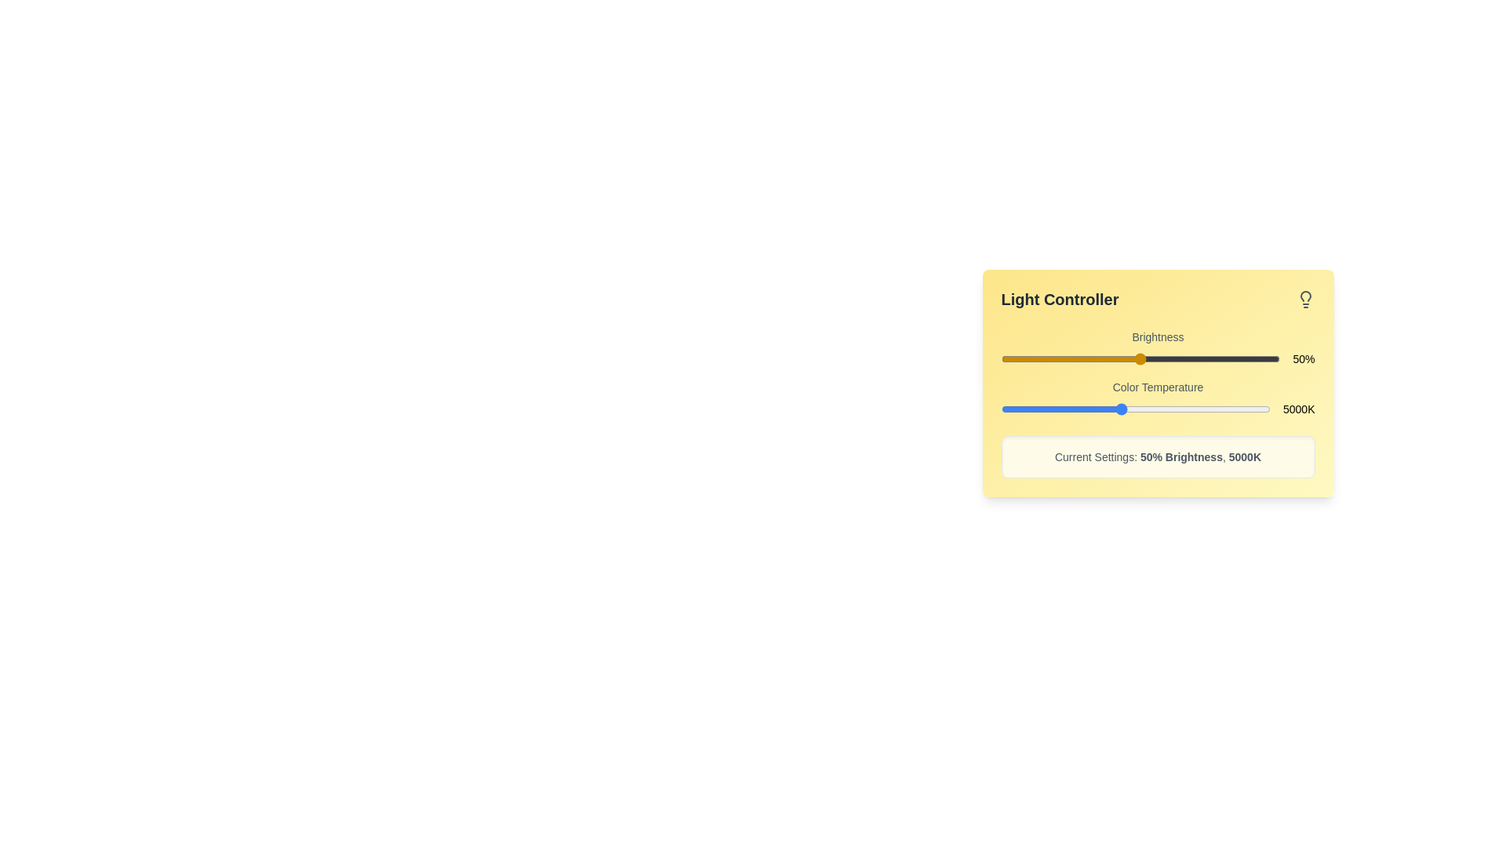 The width and height of the screenshot is (1506, 847). What do you see at coordinates (1070, 408) in the screenshot?
I see `the color temperature slider to set the value to 3324 K` at bounding box center [1070, 408].